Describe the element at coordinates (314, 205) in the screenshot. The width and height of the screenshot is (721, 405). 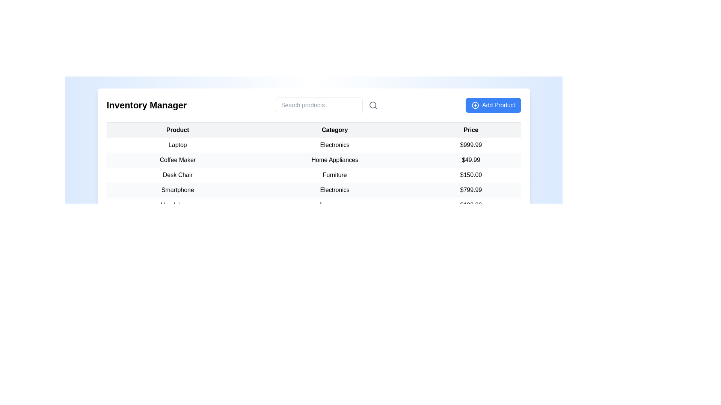
I see `information presented in the last visible table row containing 'Headphones' under 'Accessories' priced at '$199.99.'` at that location.